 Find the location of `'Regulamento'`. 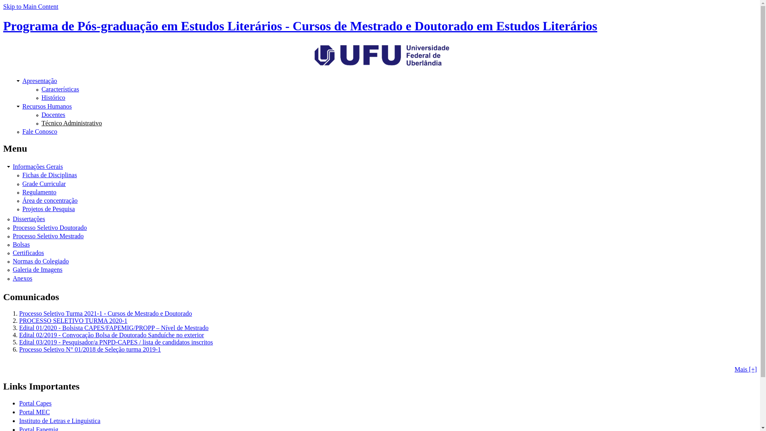

'Regulamento' is located at coordinates (22, 192).